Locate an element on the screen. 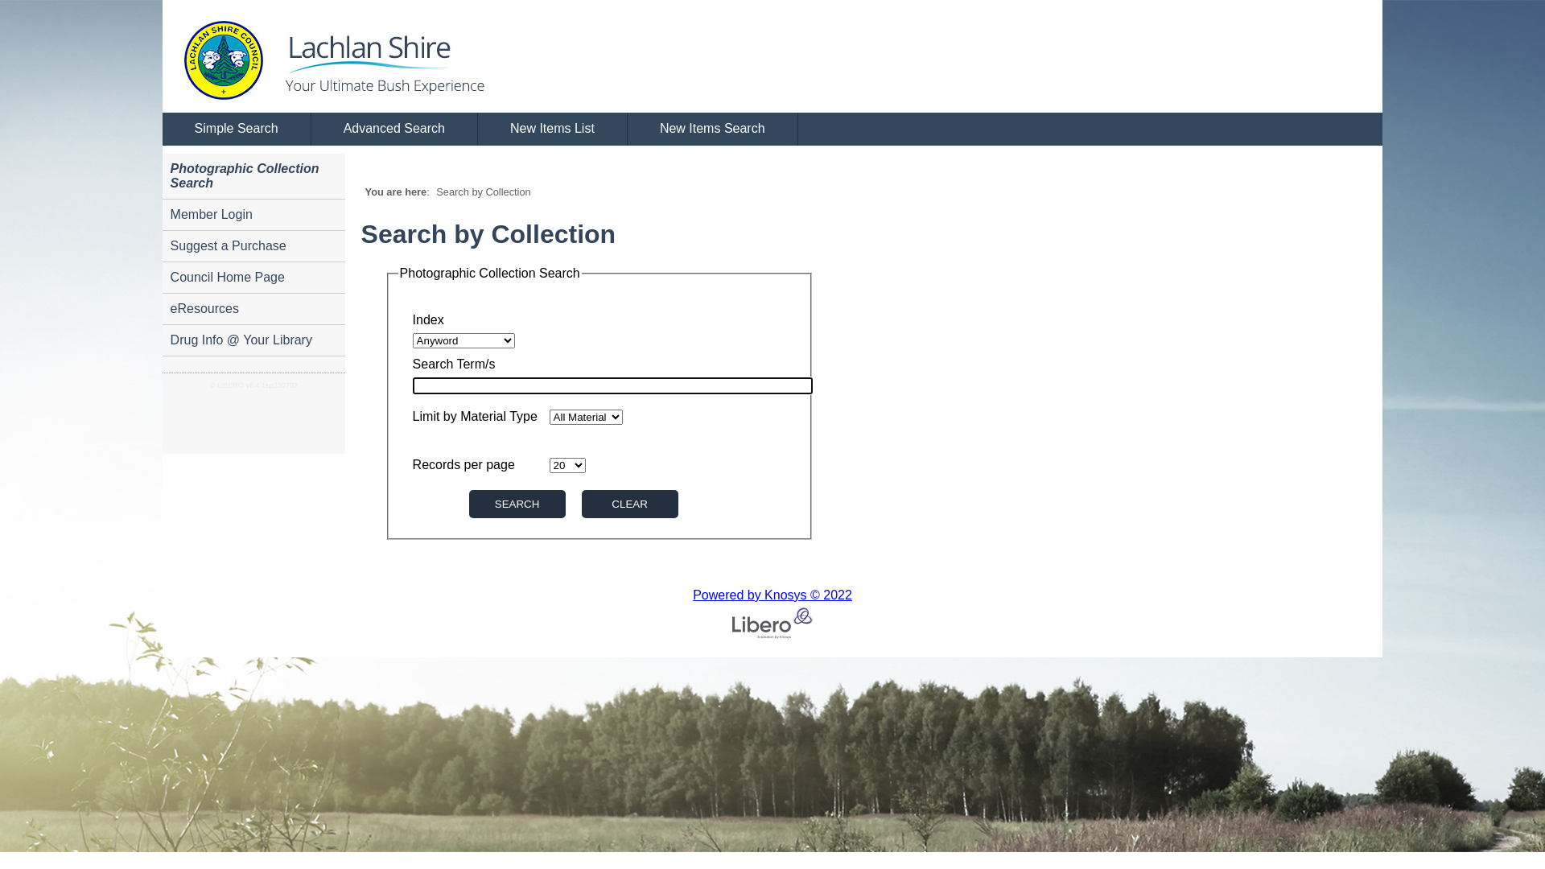 This screenshot has width=1545, height=869. 'eResources' is located at coordinates (253, 309).